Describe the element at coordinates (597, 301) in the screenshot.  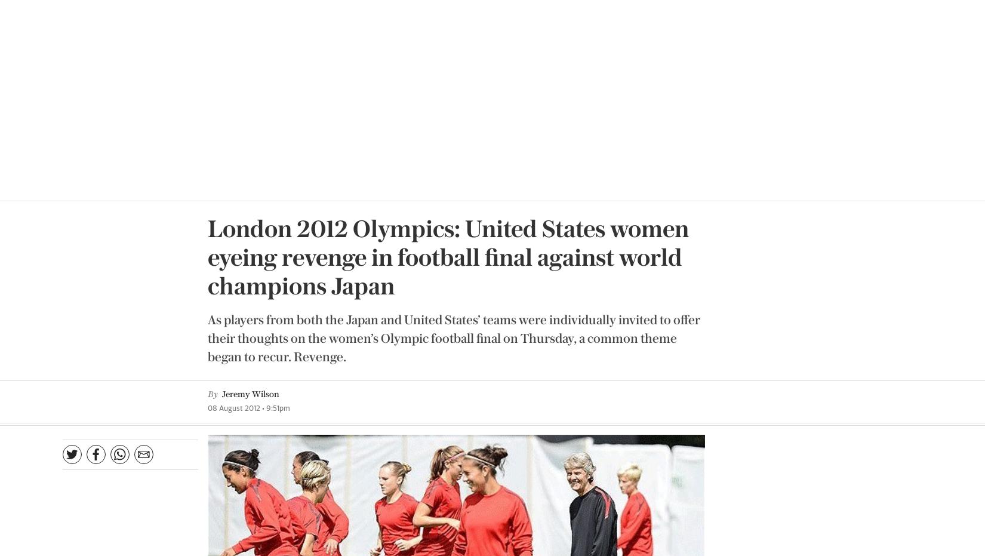
I see `': Photo: REUTERS'` at that location.